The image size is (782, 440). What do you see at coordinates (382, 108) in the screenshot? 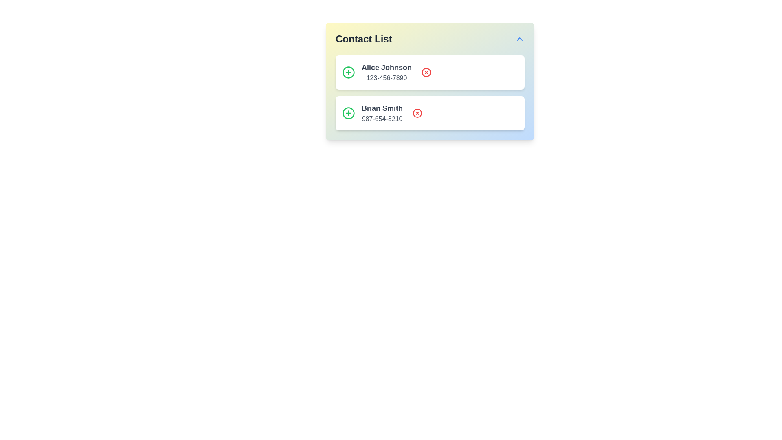
I see `the text label displaying the name 'Brian Smith' within the second contact card in the 'Contact List' section` at bounding box center [382, 108].